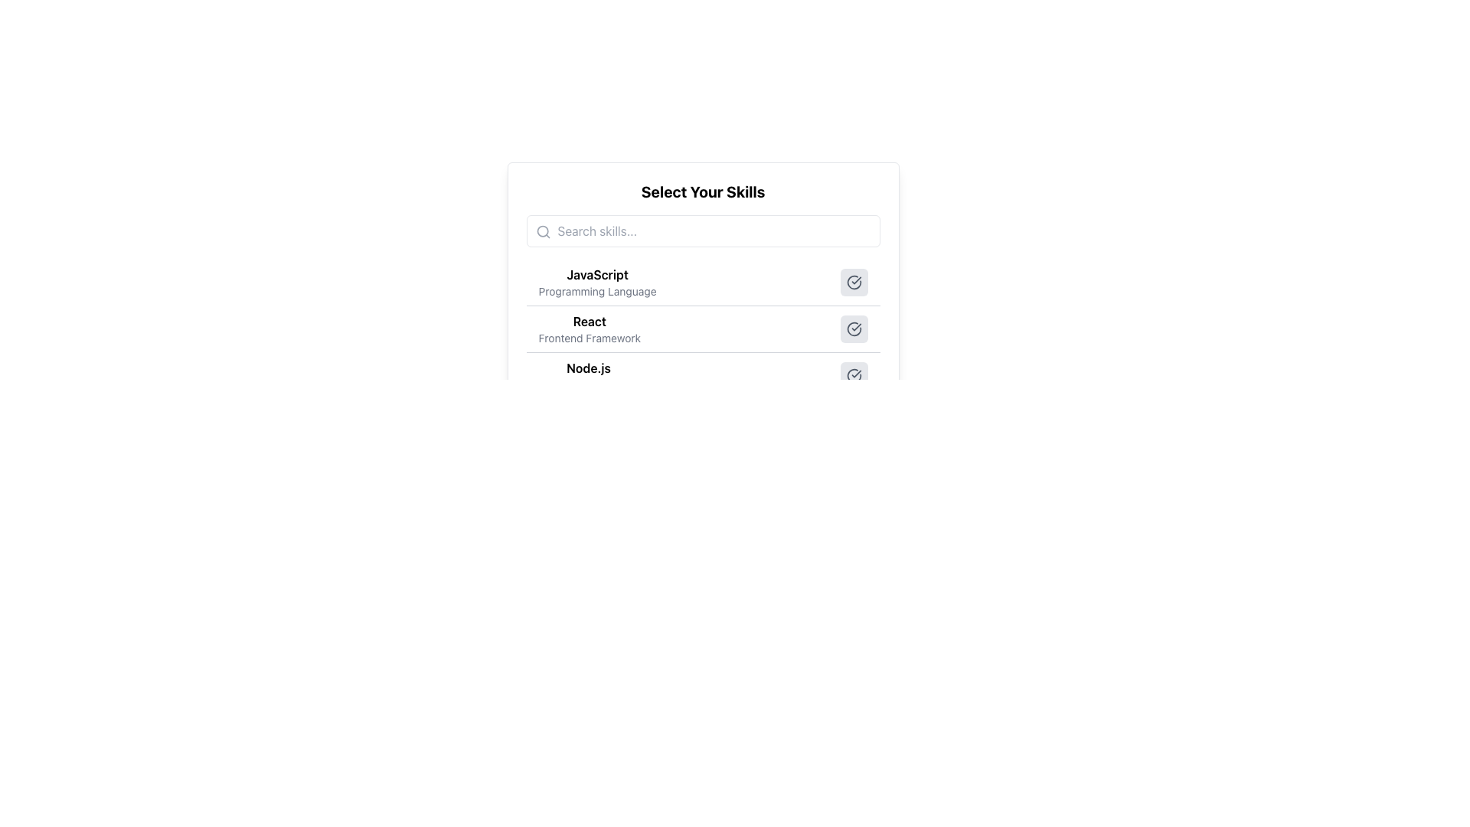 The image size is (1470, 827). I want to click on the static label text that describes 'JavaScript' as a 'Programming Language', which is positioned directly below the bolded text 'JavaScript' in the 'Select Your Skills' list, so click(596, 292).